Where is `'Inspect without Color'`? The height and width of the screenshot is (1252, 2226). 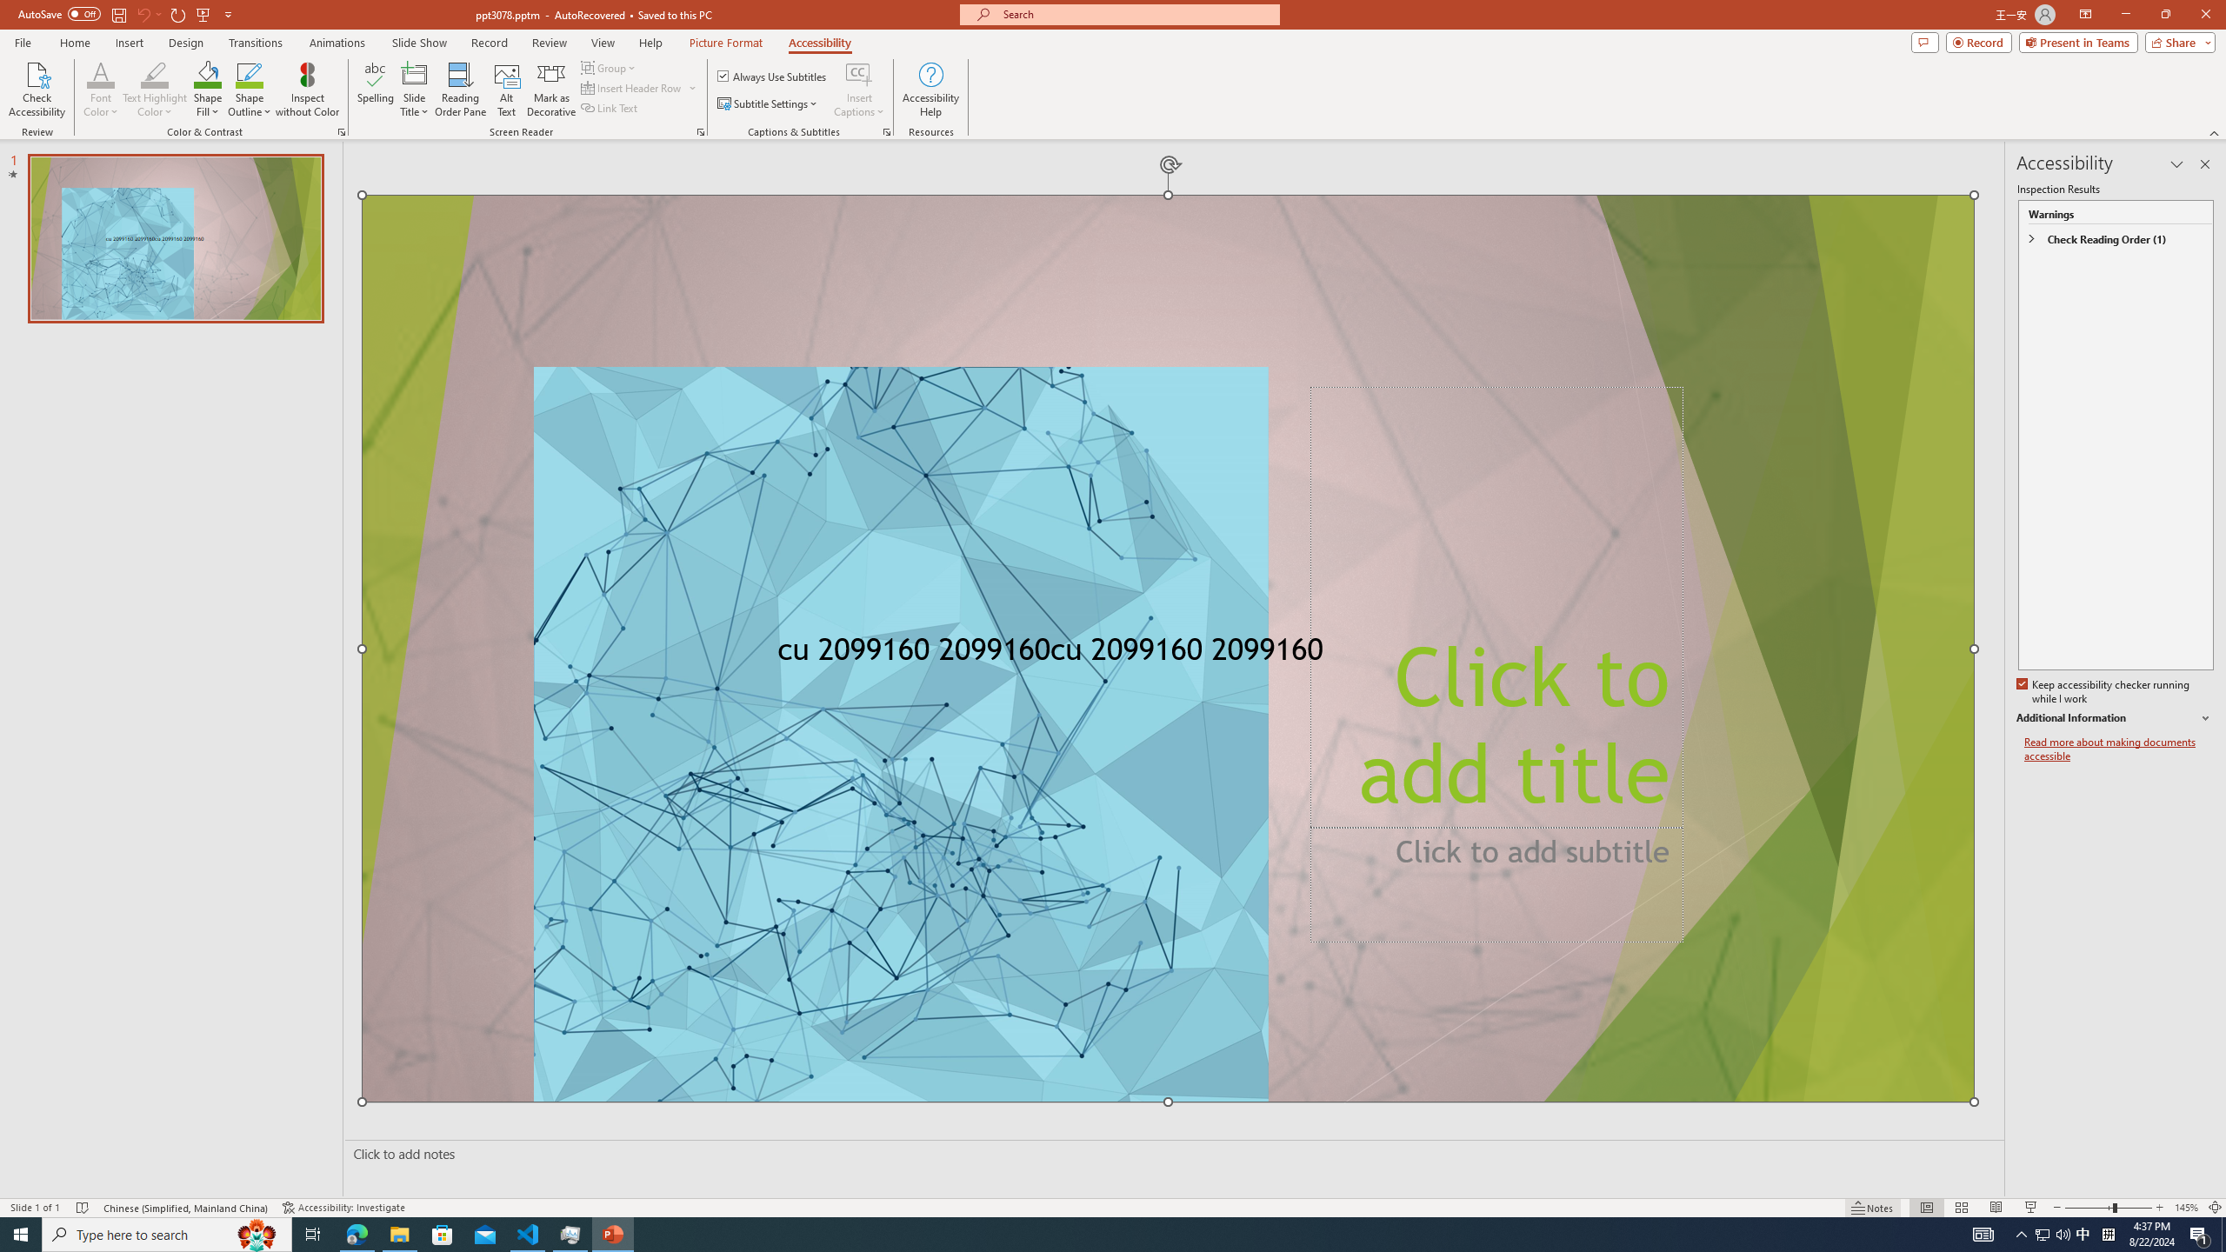
'Inspect without Color' is located at coordinates (308, 90).